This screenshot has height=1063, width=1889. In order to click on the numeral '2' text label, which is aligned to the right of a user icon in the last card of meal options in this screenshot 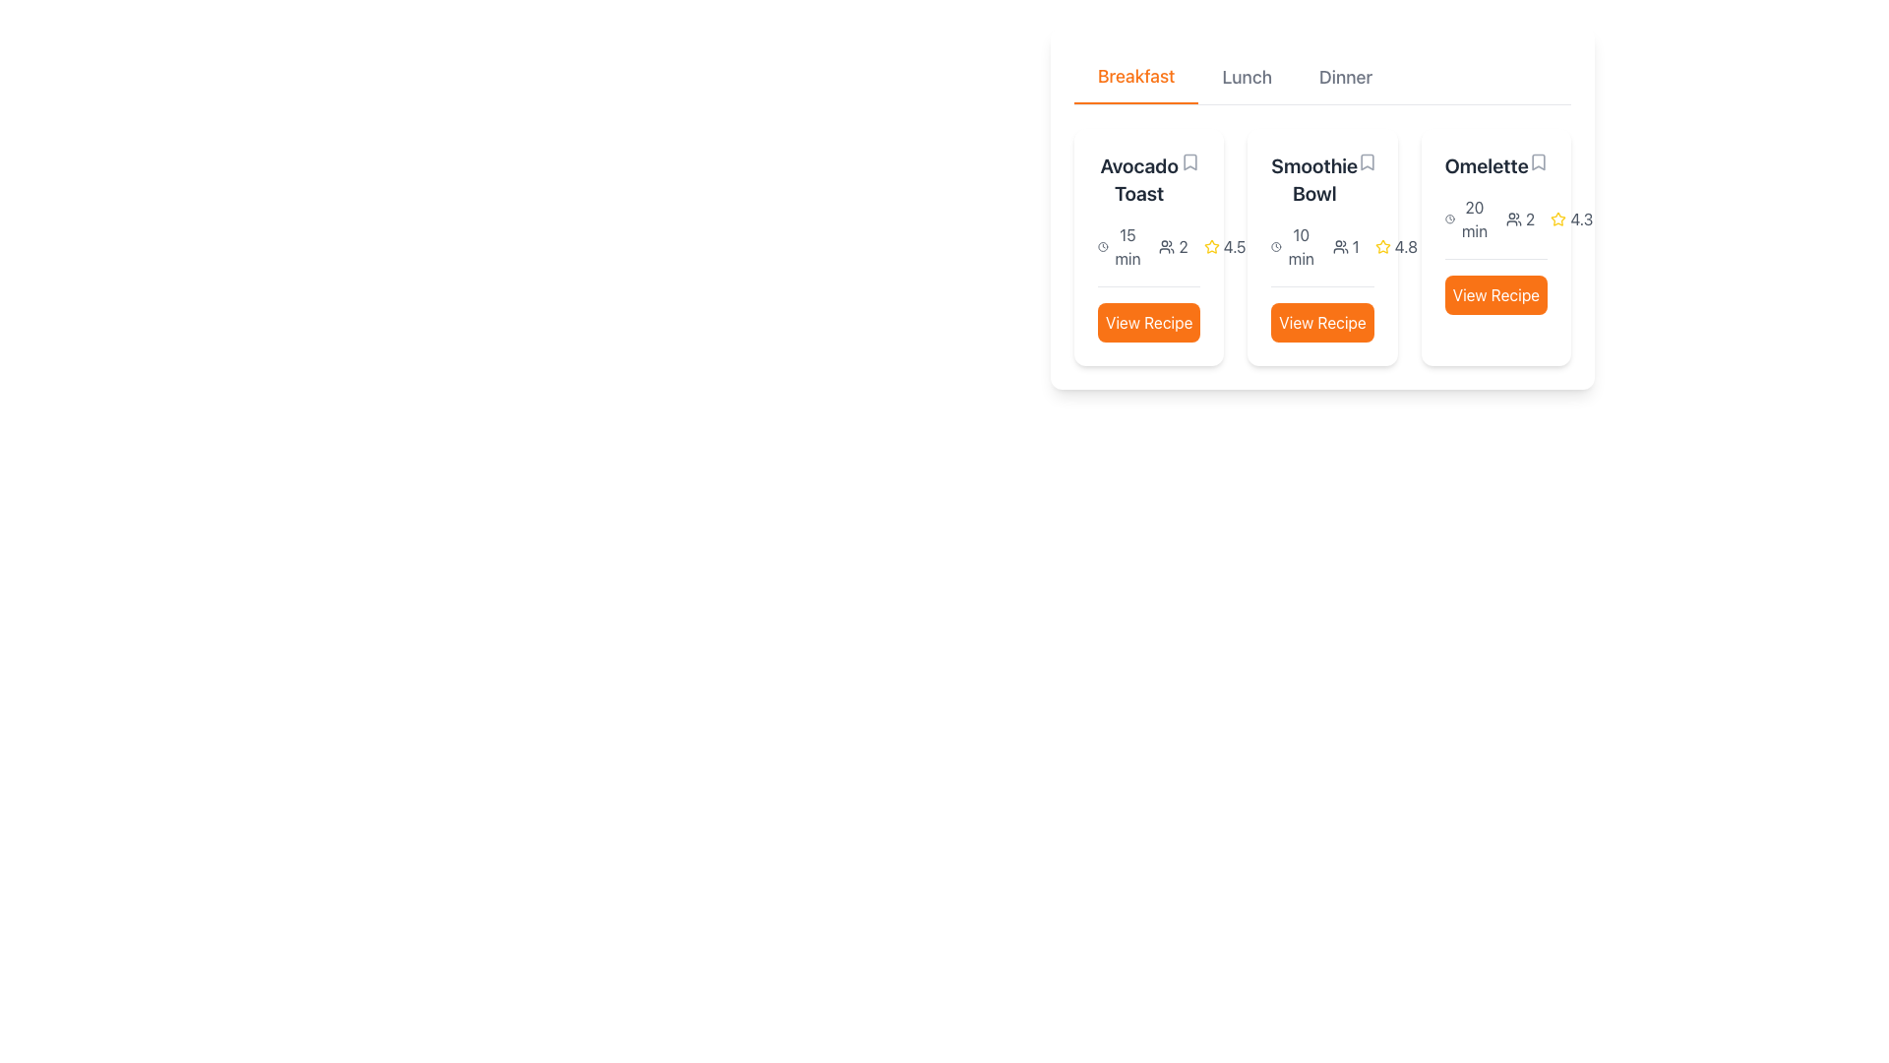, I will do `click(1529, 219)`.